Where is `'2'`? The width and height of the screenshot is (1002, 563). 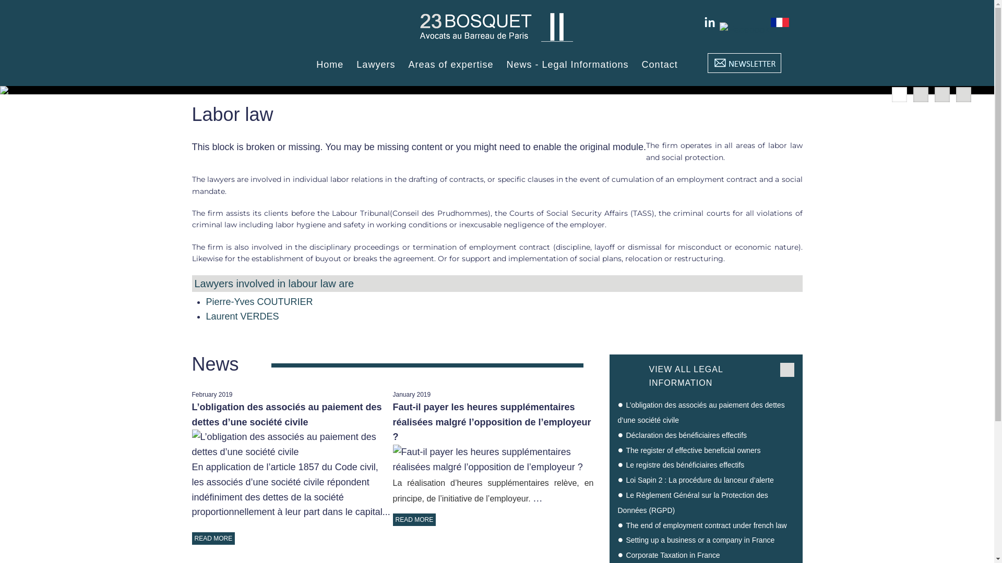 '2' is located at coordinates (921, 94).